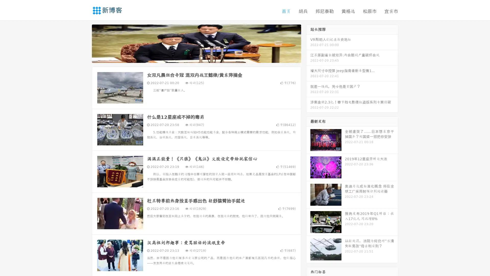 This screenshot has height=276, width=490. What do you see at coordinates (201, 57) in the screenshot?
I see `Go to slide 3` at bounding box center [201, 57].